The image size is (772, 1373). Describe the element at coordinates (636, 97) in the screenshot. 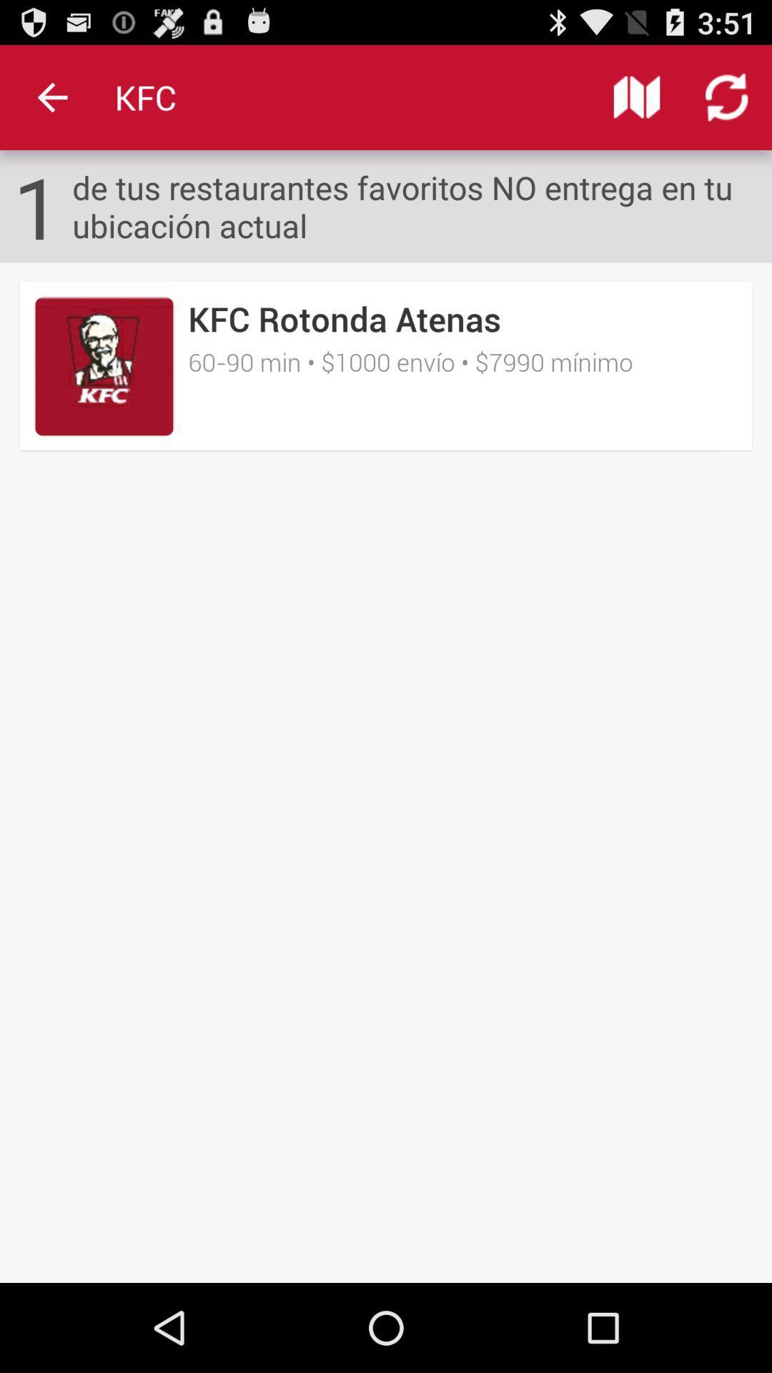

I see `icon above the de tus restaurantes icon` at that location.